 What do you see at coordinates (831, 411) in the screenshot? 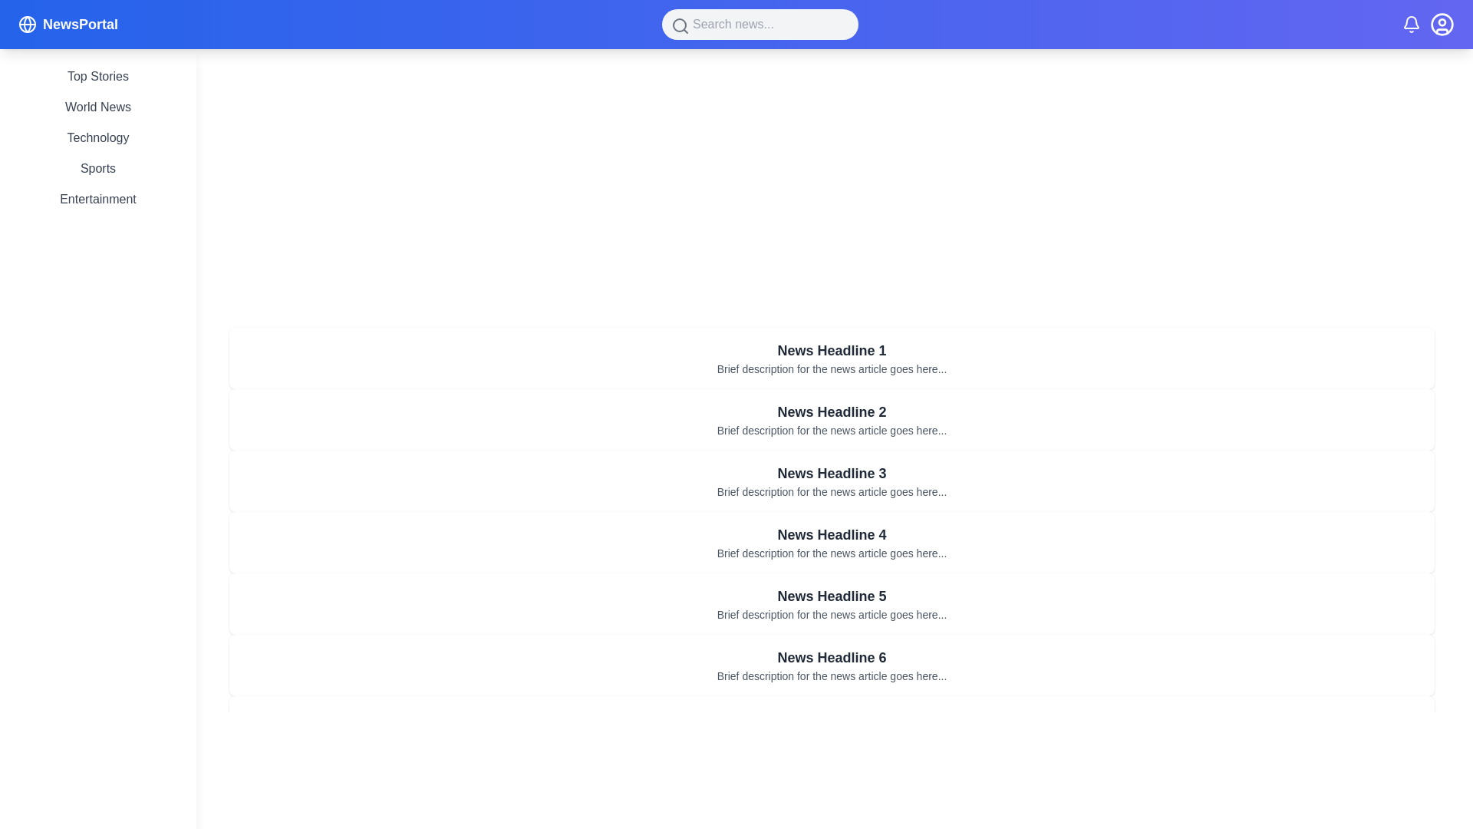
I see `the text label displaying 'News Headline 2', which is styled in bold dark gray font and is located within a white card UI component` at bounding box center [831, 411].